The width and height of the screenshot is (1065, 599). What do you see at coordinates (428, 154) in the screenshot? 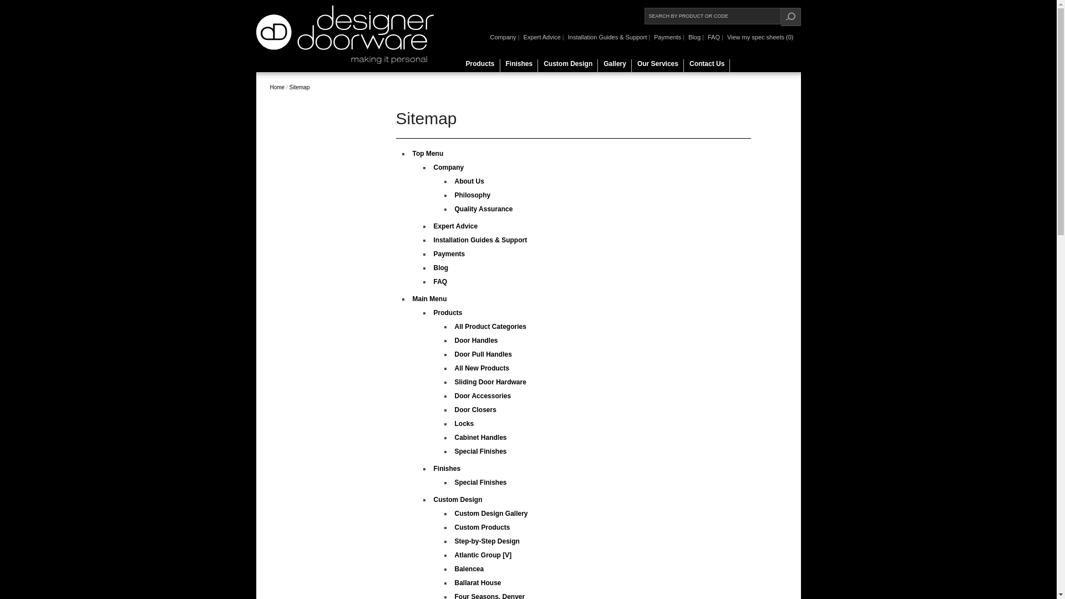
I see `'Top Menu'` at bounding box center [428, 154].